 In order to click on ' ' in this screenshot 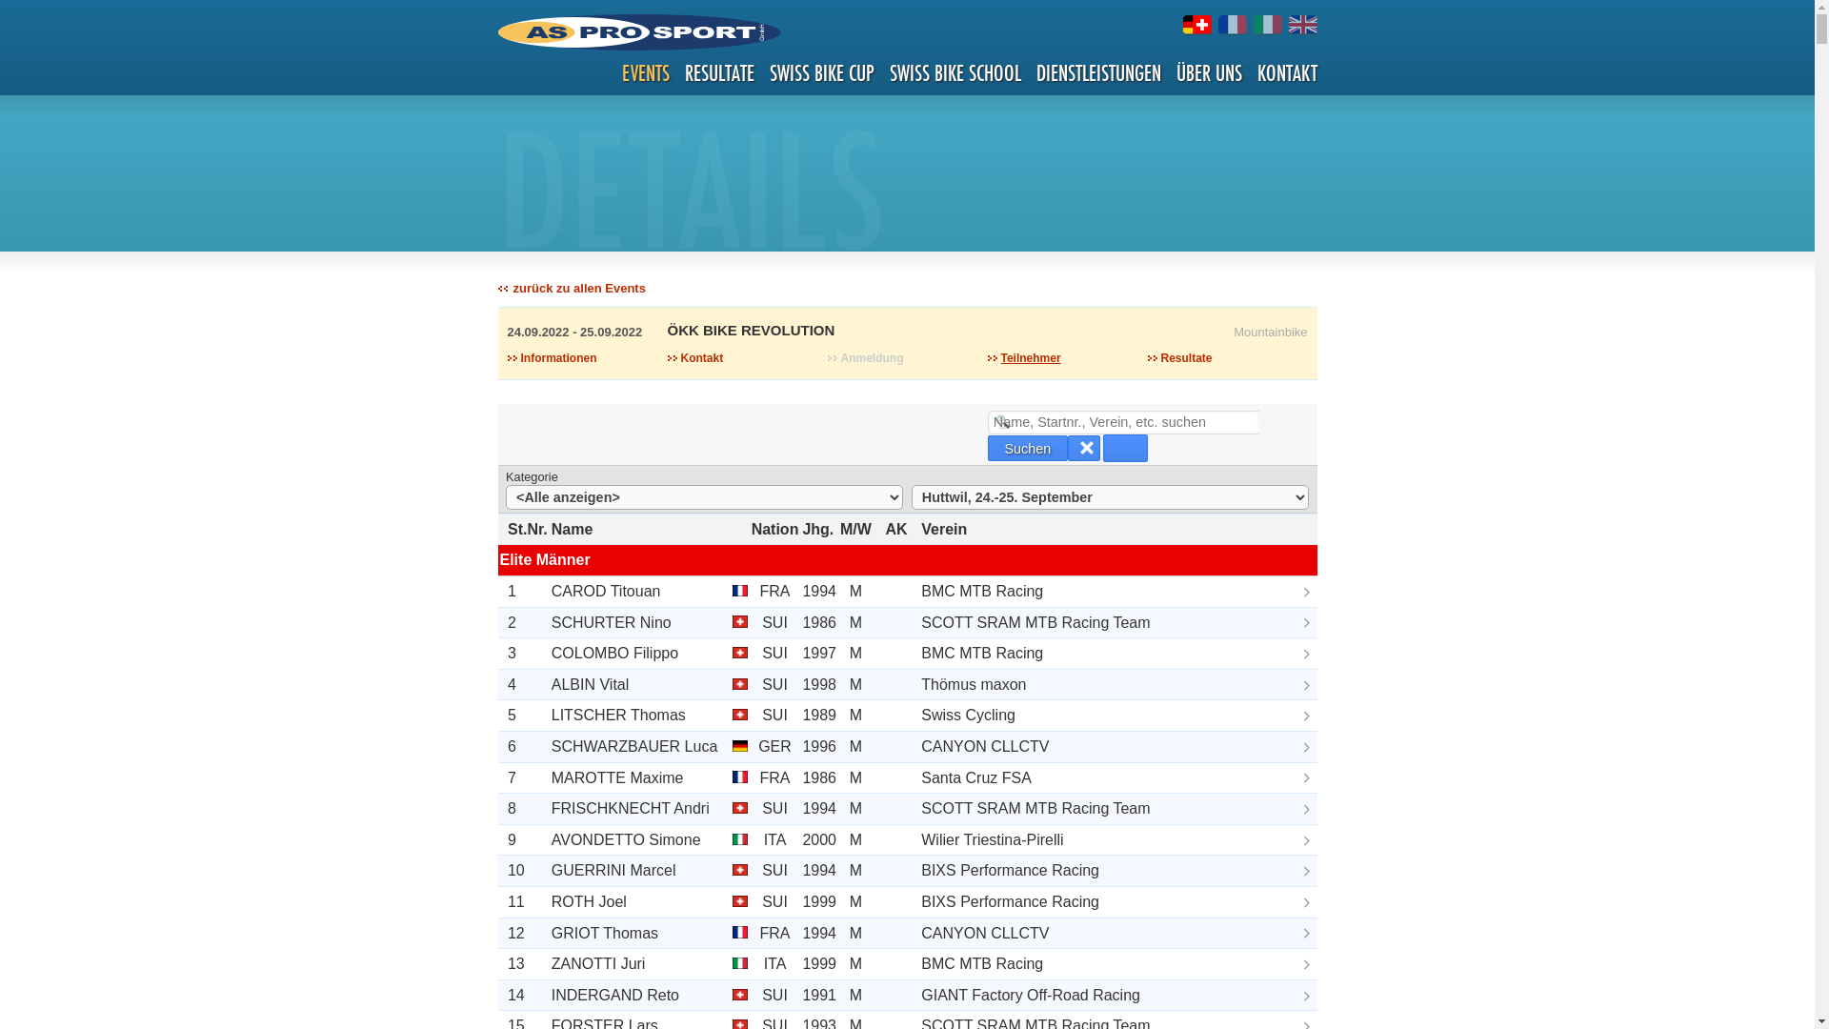, I will do `click(1125, 448)`.